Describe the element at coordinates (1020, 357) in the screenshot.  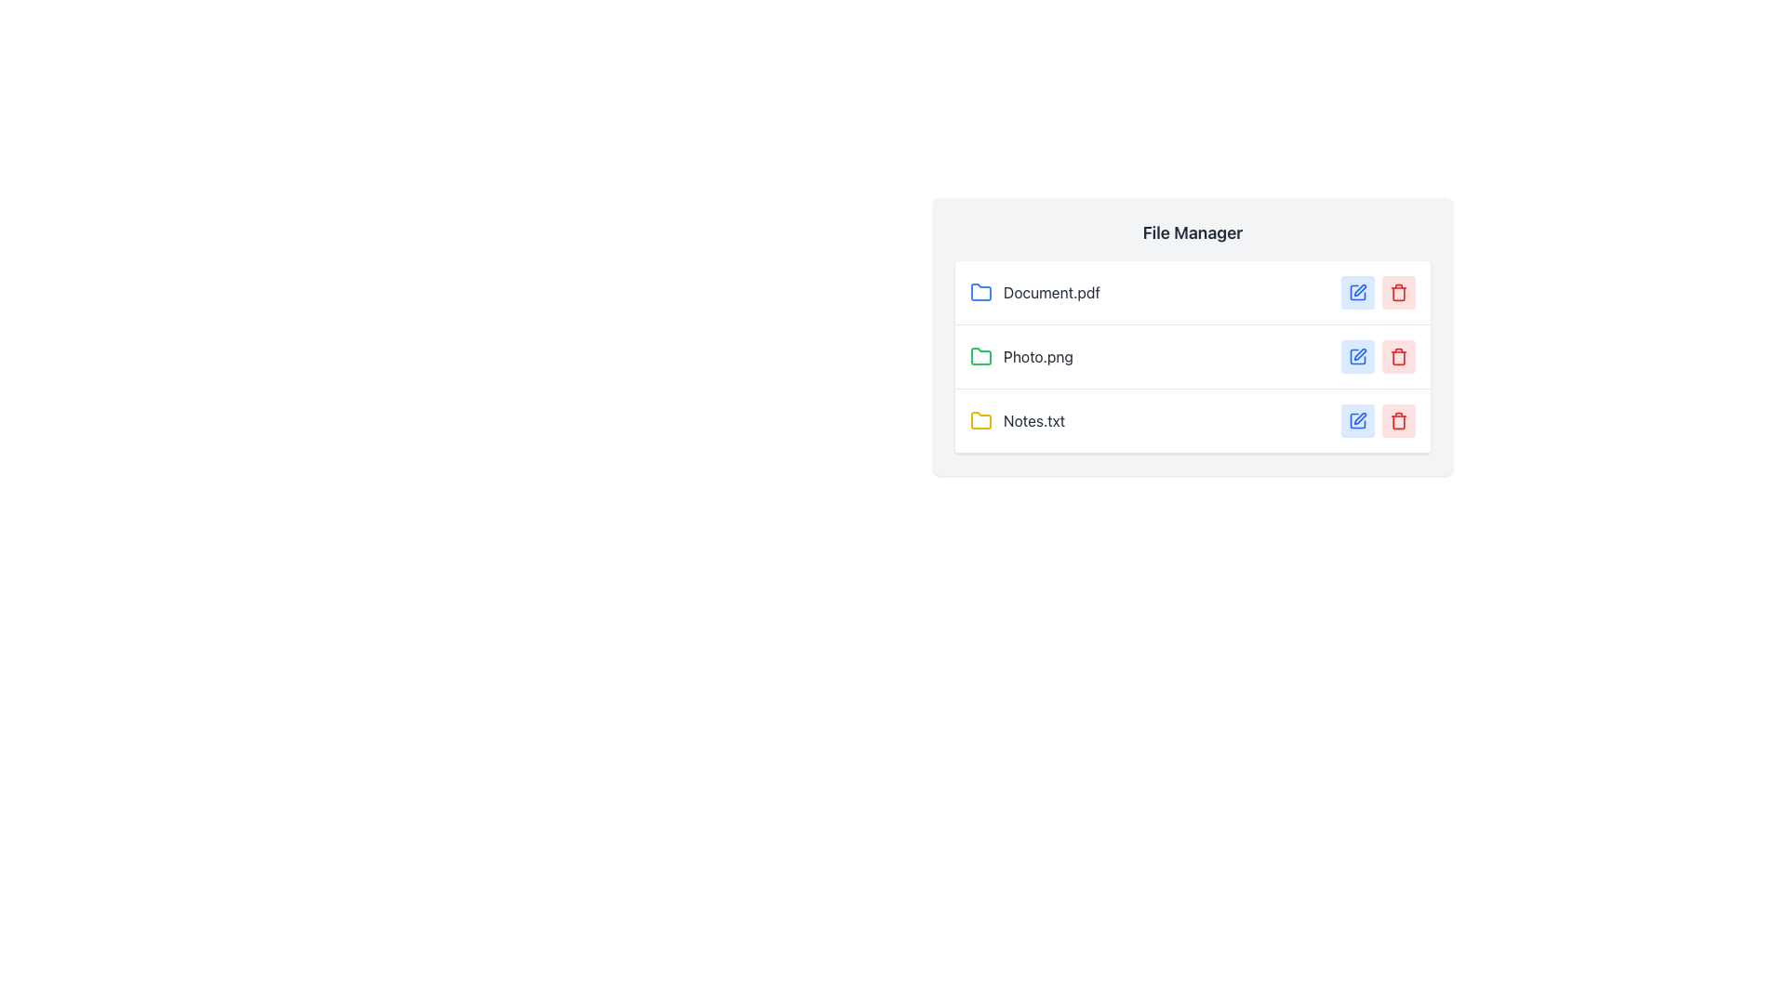
I see `the label of the file named 'Photo.png' in the file management interface` at that location.